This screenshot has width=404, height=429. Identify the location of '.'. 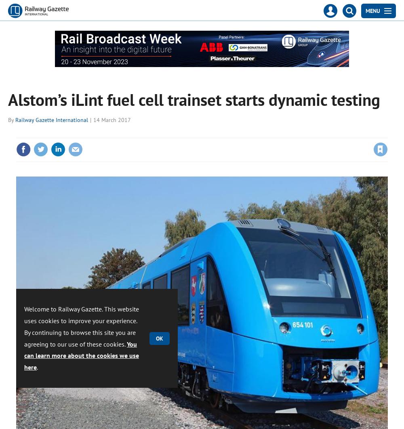
(37, 366).